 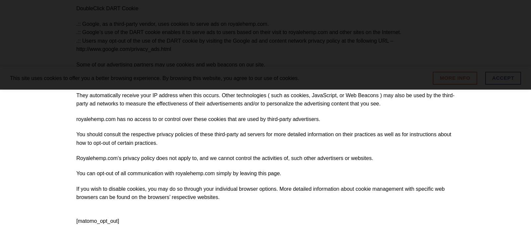 I want to click on 'They automatically receive your IP address when this occurs. Other technologies ( such as cookies, JavaScript, or Web Beacons ) may also be used by the third-party ad networks to measure the effectiveness of their advertisements and/or to personalize the advertising content that you see.', so click(x=265, y=99).